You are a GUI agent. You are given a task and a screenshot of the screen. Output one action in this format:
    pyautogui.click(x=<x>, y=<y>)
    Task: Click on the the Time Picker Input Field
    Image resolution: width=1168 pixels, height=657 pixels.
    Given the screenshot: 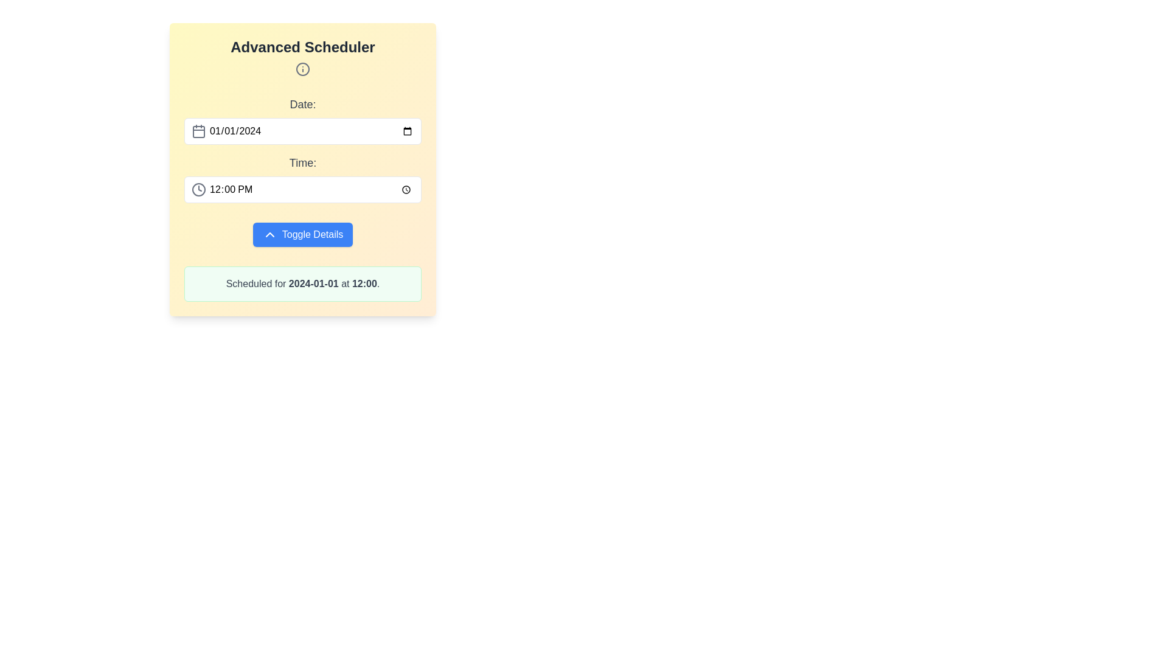 What is the action you would take?
    pyautogui.click(x=303, y=178)
    